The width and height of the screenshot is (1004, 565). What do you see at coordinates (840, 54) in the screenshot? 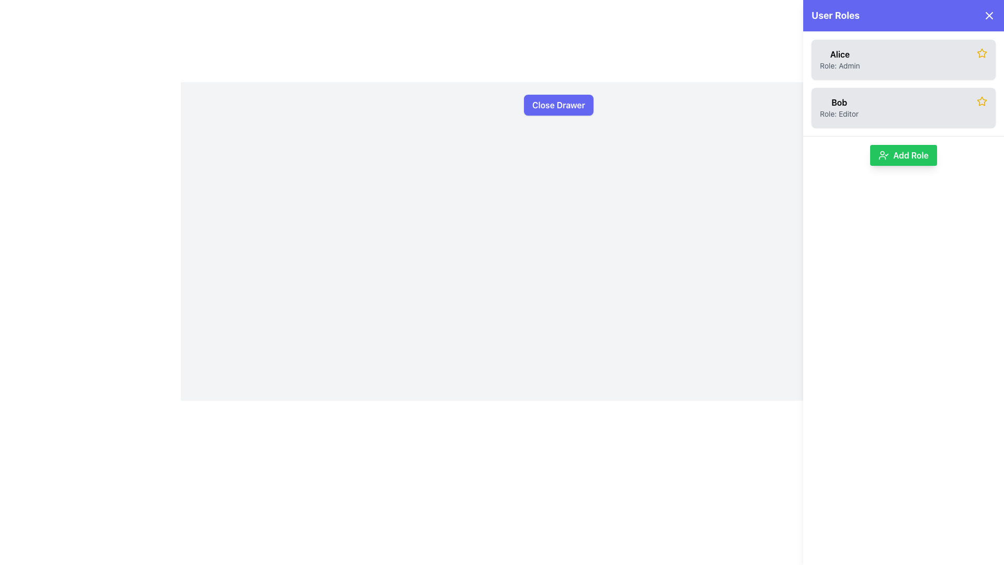
I see `the text displaying the name 'Alice' in the 'User Roles' section, which is the first item in the list of roles` at bounding box center [840, 54].